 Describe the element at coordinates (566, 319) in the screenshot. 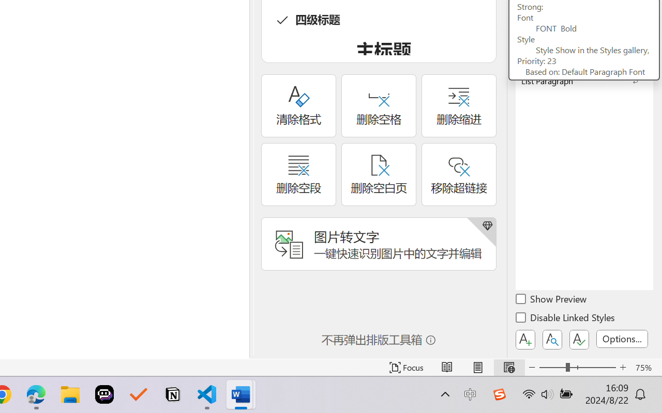

I see `'Disable Linked Styles'` at that location.